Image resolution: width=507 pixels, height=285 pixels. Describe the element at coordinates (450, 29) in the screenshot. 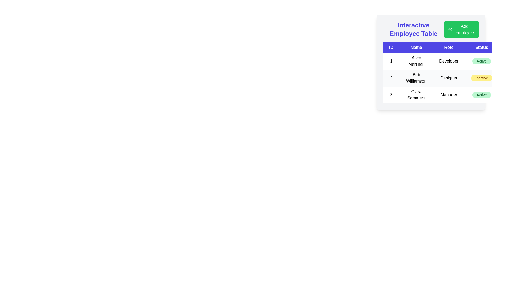

I see `the circular icon with a plus sign at its center, located to the left of the 'Add Employee' text on the green button at the top-right corner of the interface` at that location.